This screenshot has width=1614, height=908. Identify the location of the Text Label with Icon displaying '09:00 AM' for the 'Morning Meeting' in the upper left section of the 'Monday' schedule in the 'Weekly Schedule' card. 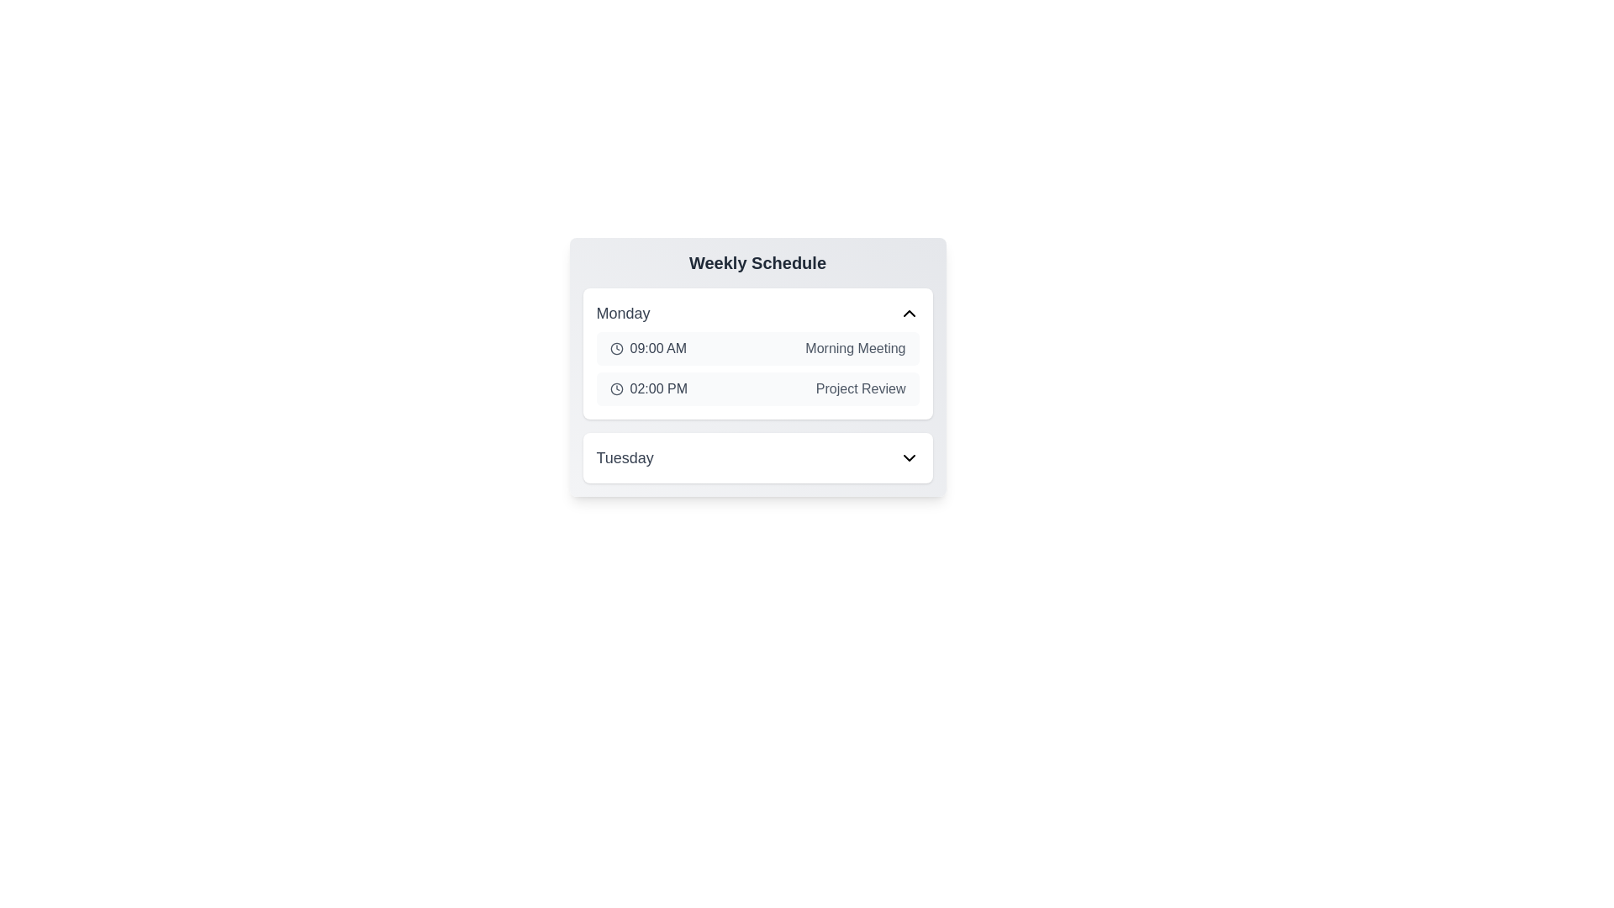
(647, 348).